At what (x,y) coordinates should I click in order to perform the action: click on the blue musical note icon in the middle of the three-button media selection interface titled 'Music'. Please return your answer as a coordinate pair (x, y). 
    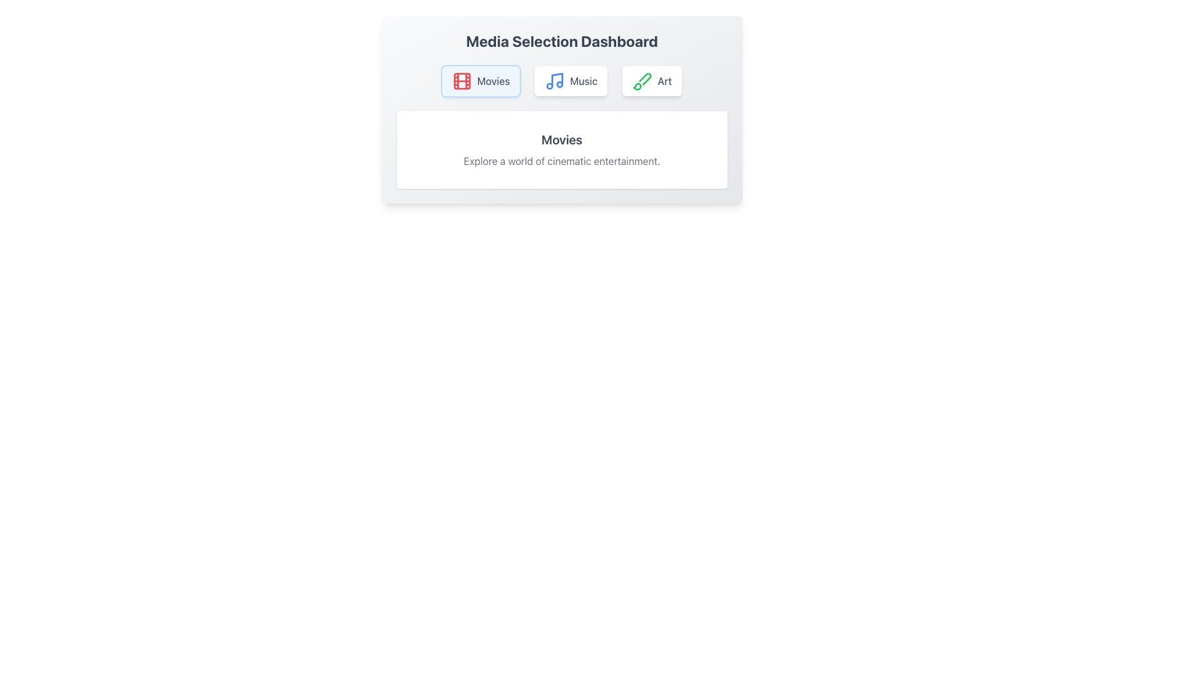
    Looking at the image, I should click on (554, 81).